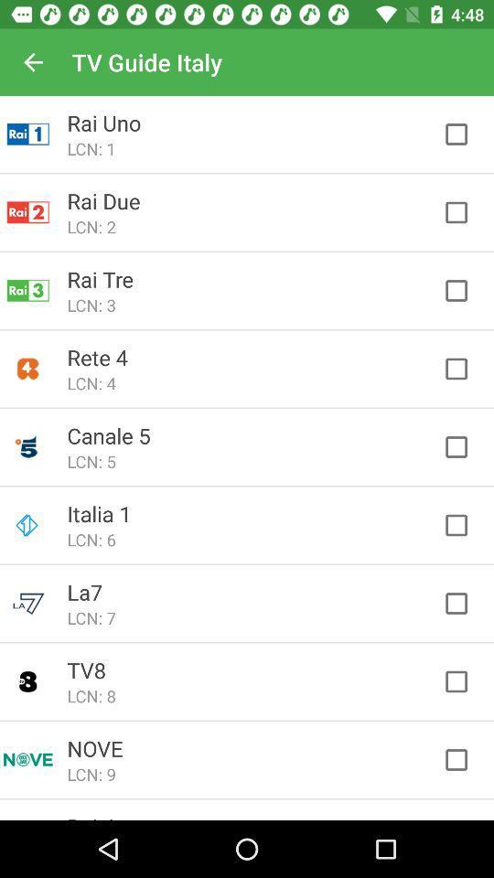  What do you see at coordinates (466, 759) in the screenshot?
I see `the bottom right checkbox` at bounding box center [466, 759].